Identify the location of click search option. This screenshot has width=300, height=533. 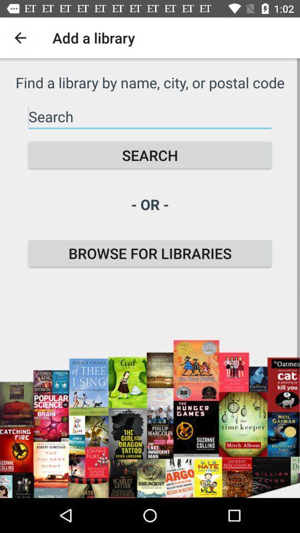
(150, 117).